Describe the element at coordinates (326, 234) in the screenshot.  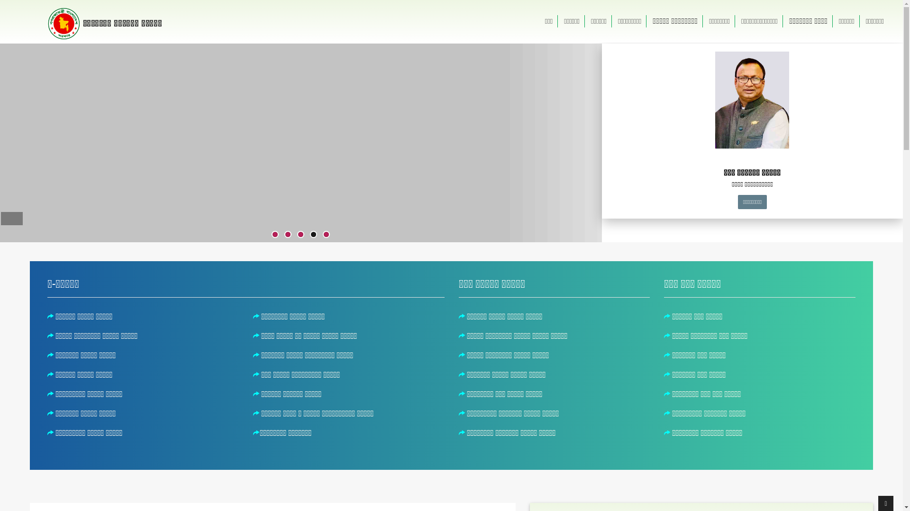
I see `'5'` at that location.